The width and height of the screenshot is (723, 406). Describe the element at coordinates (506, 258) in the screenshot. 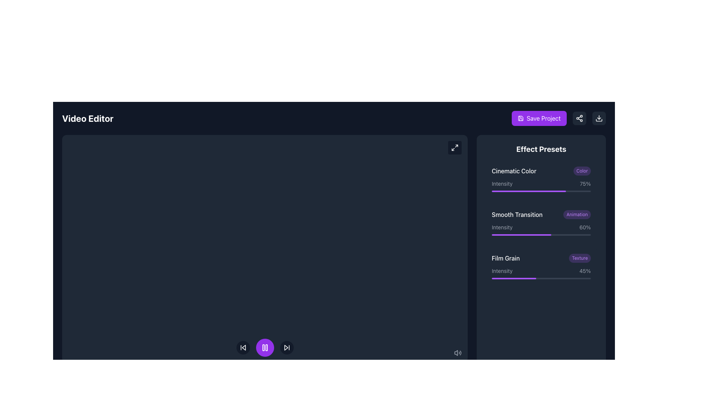

I see `the 'Film Grain' text label, which serves as a contextual identifier for a specific effect grouping under the 'Effect Presets' category` at that location.